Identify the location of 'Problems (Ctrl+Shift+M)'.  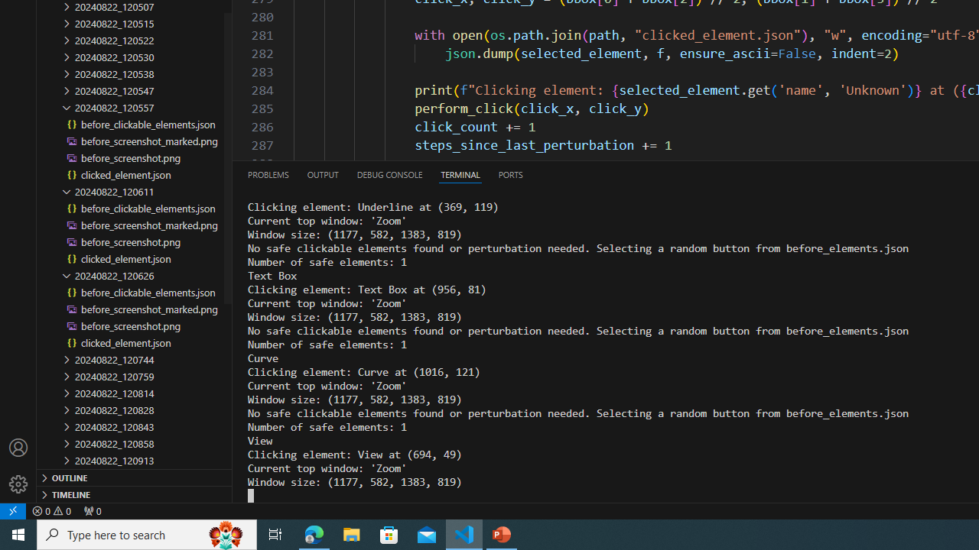
(268, 173).